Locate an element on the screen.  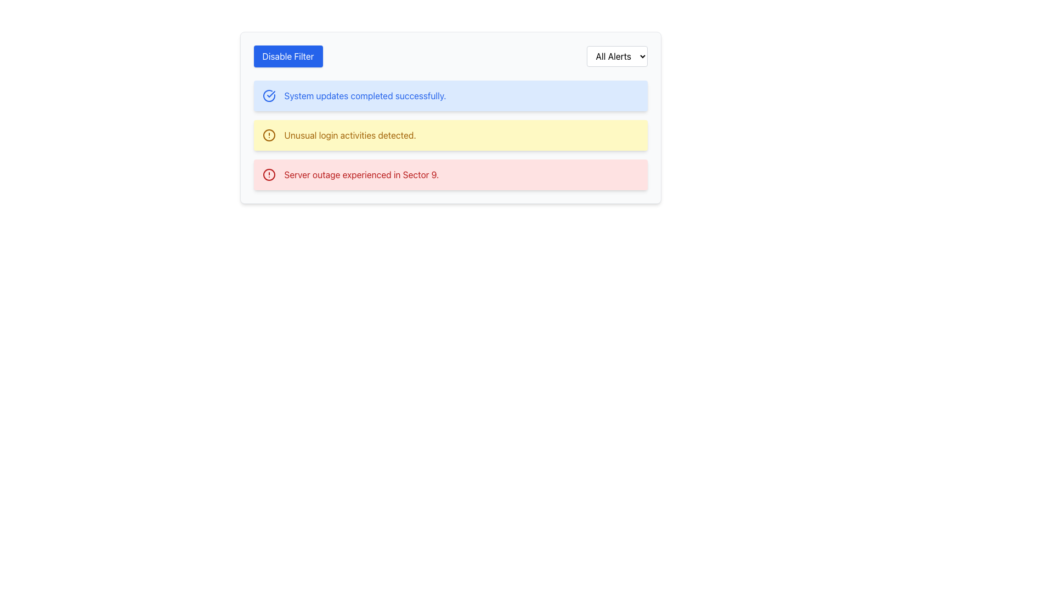
the circular blue outlined icon with a checkmark that indicates confirmation, located to the left of the text 'System updates completed successfully' in the blue-highlighted alert section at the top of the notifications list is located at coordinates (269, 95).